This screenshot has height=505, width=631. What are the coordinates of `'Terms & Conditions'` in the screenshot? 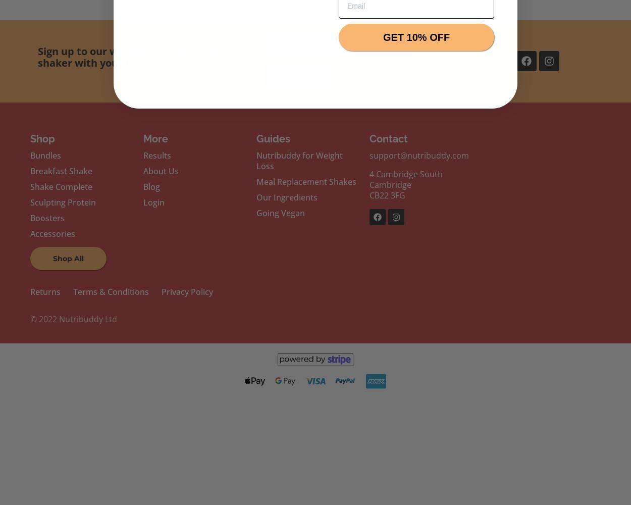 It's located at (110, 291).